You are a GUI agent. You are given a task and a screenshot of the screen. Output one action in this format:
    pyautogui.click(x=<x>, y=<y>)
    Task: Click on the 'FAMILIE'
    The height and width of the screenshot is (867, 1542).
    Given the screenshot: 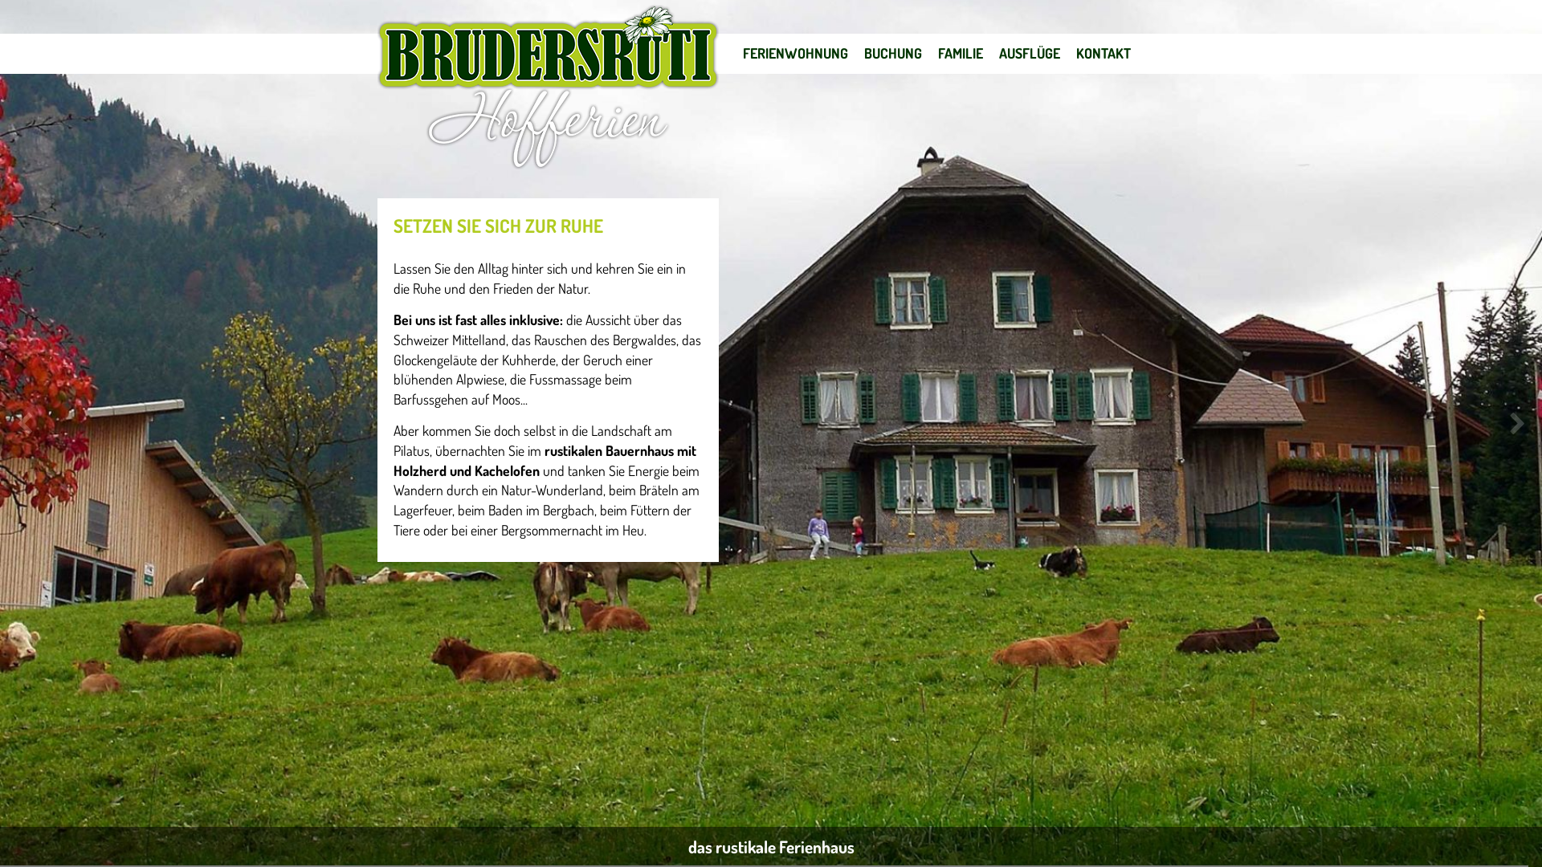 What is the action you would take?
    pyautogui.click(x=960, y=51)
    